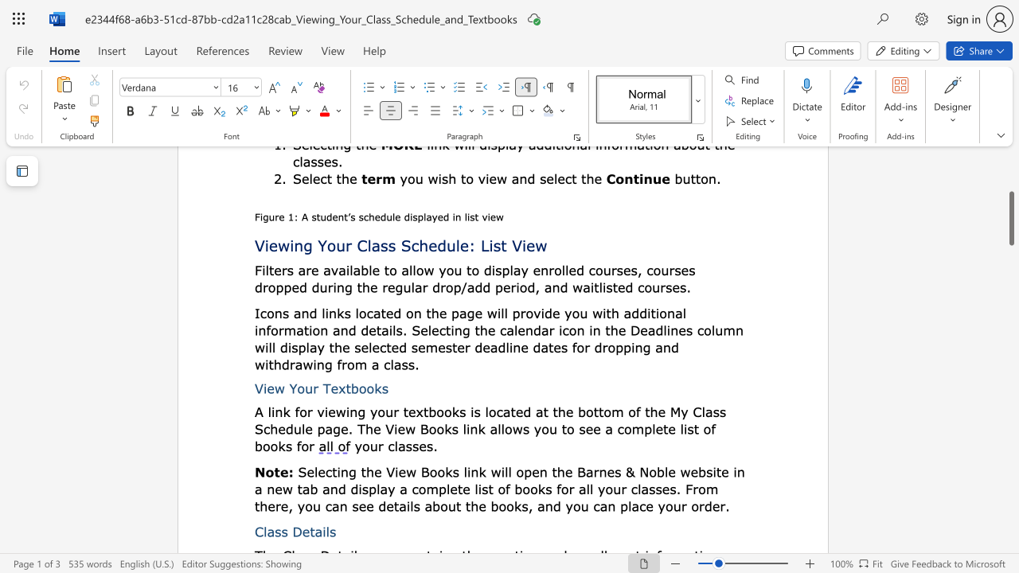  Describe the element at coordinates (1010, 218) in the screenshot. I see `the scrollbar and move up 230 pixels` at that location.